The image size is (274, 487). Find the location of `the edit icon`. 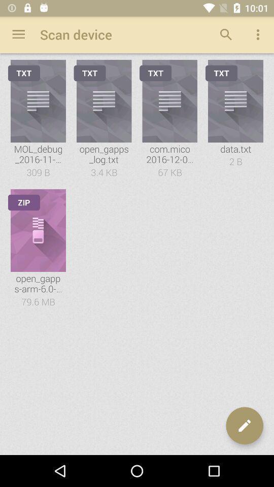

the edit icon is located at coordinates (244, 426).